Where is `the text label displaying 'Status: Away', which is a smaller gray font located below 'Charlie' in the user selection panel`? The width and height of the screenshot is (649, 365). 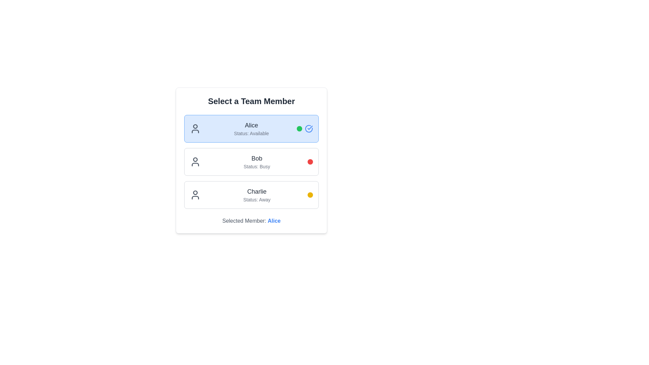
the text label displaying 'Status: Away', which is a smaller gray font located below 'Charlie' in the user selection panel is located at coordinates (256, 199).